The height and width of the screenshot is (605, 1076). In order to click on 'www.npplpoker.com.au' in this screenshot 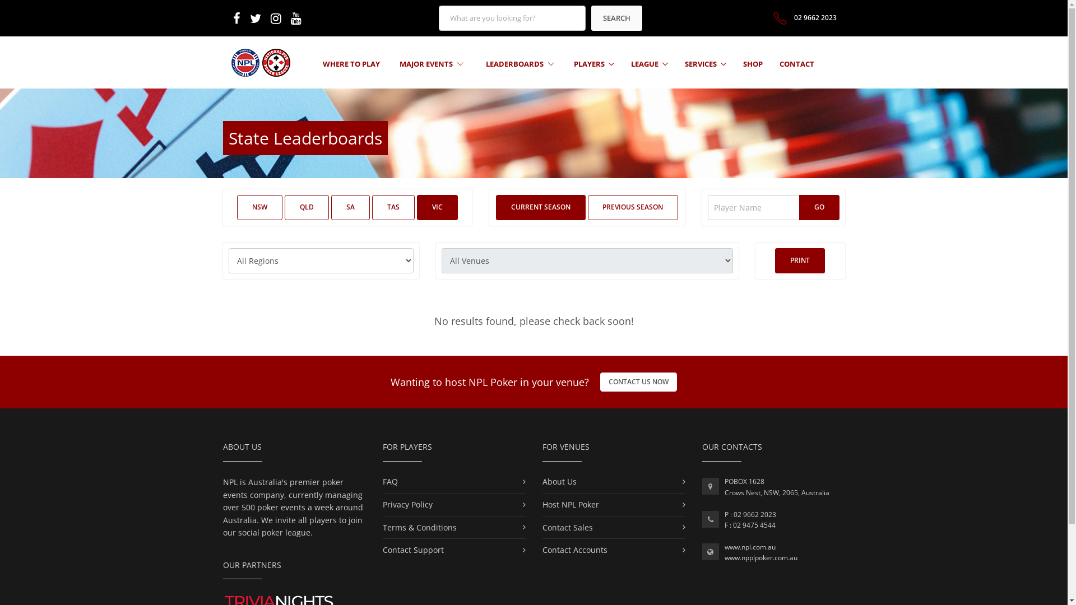, I will do `click(760, 557)`.